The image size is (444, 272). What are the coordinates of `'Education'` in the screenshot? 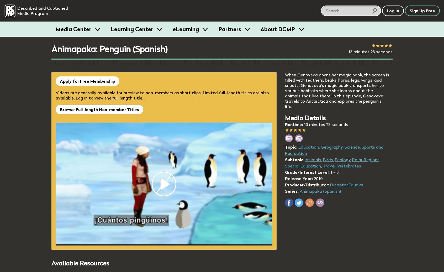 It's located at (298, 147).